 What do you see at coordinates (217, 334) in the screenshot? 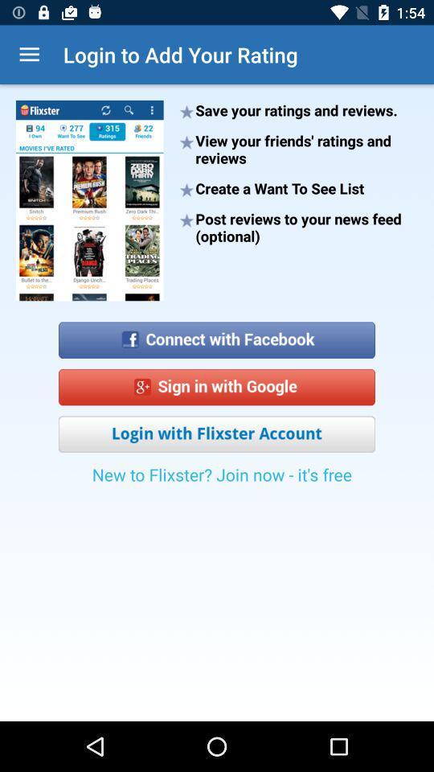
I see `sign up with facebook` at bounding box center [217, 334].